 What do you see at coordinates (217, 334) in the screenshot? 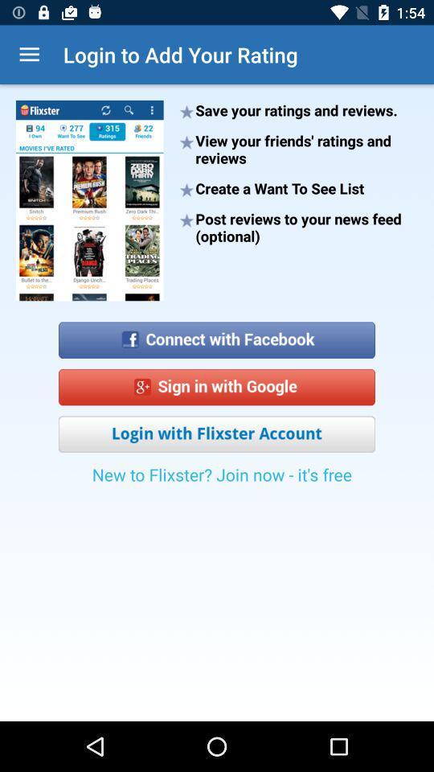
I see `sign up with facebook` at bounding box center [217, 334].